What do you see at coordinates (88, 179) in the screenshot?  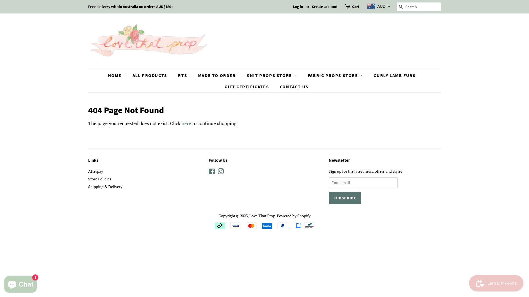 I see `'Store Policies'` at bounding box center [88, 179].